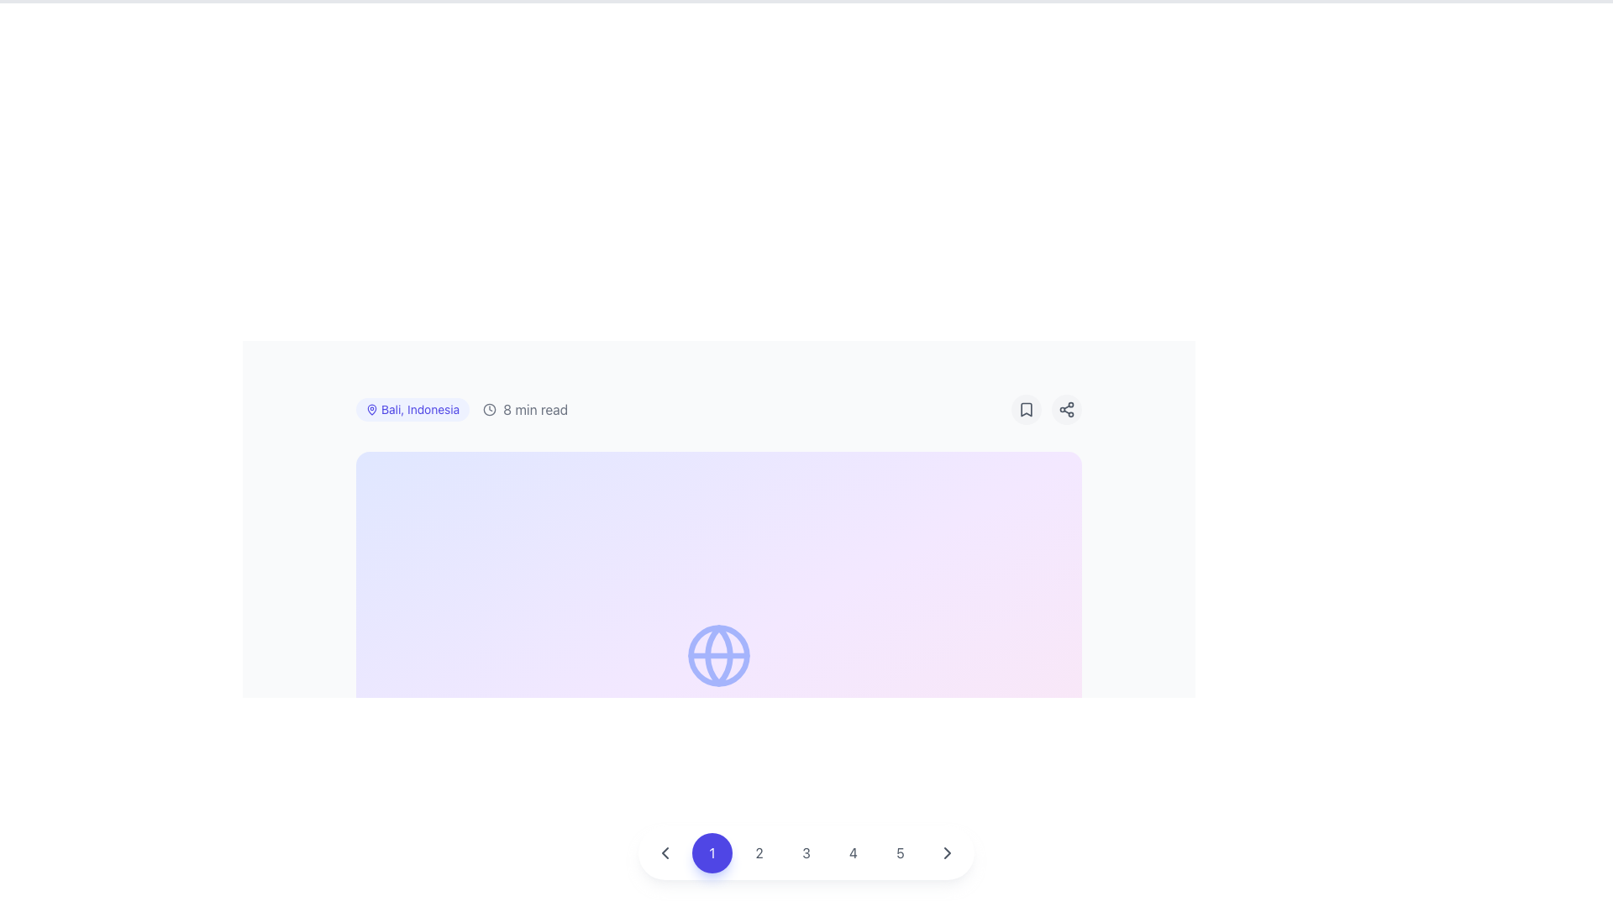 This screenshot has width=1613, height=907. I want to click on the second navigation button that allows users, so click(758, 852).